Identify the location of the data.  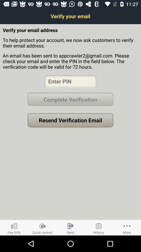
(70, 81).